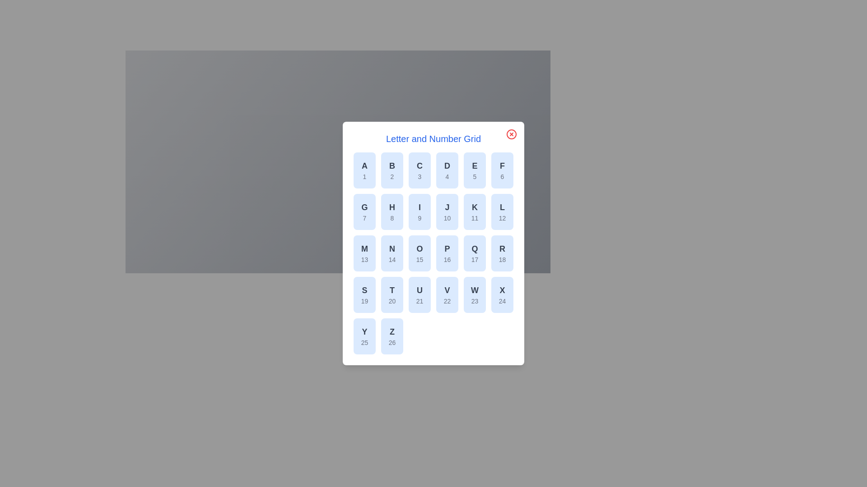 The image size is (867, 487). Describe the element at coordinates (419, 253) in the screenshot. I see `the grid item corresponding to letter O` at that location.